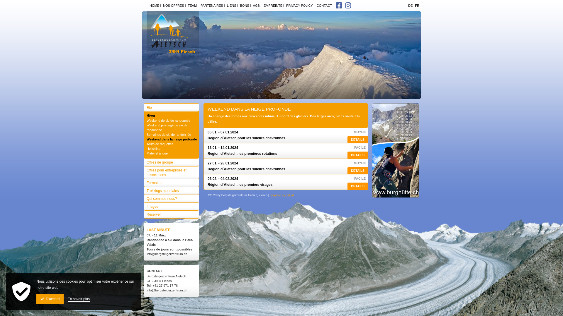  Describe the element at coordinates (171, 197) in the screenshot. I see `'Qui sommes nous?'` at that location.